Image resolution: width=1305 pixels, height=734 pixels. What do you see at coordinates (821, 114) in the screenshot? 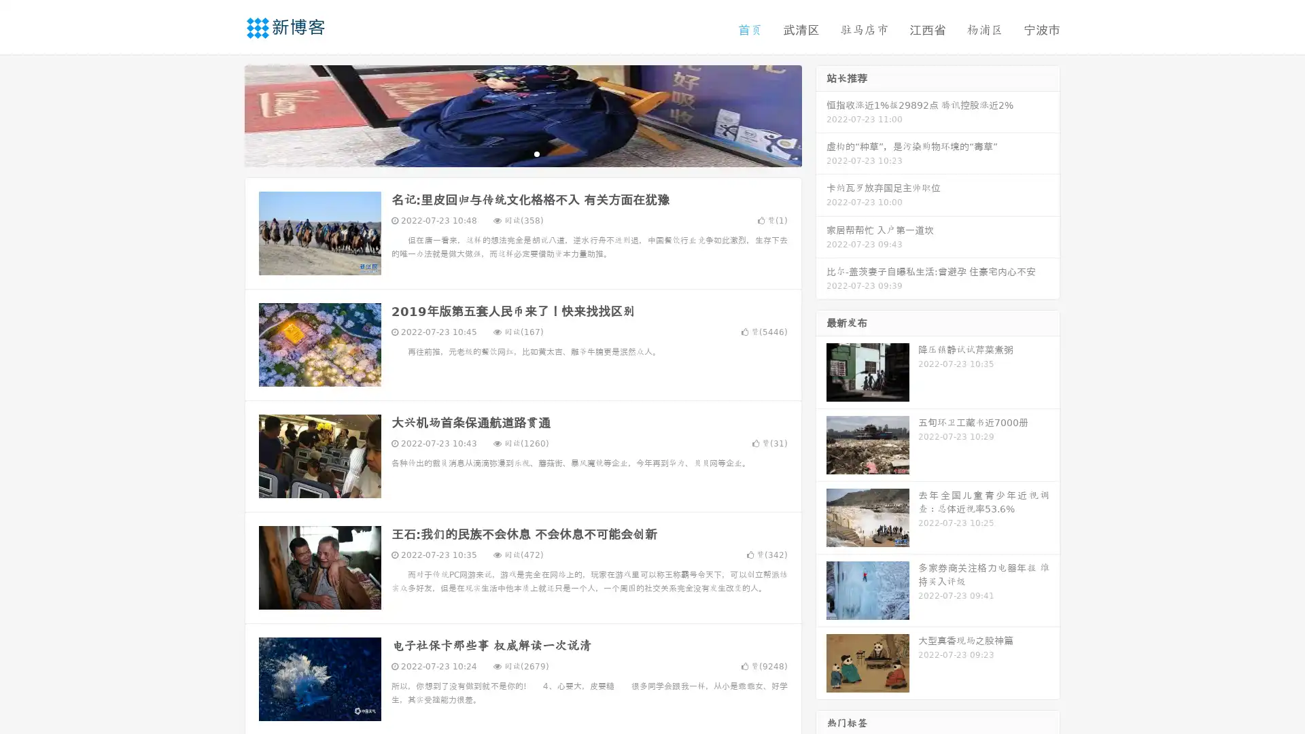
I see `Next slide` at bounding box center [821, 114].